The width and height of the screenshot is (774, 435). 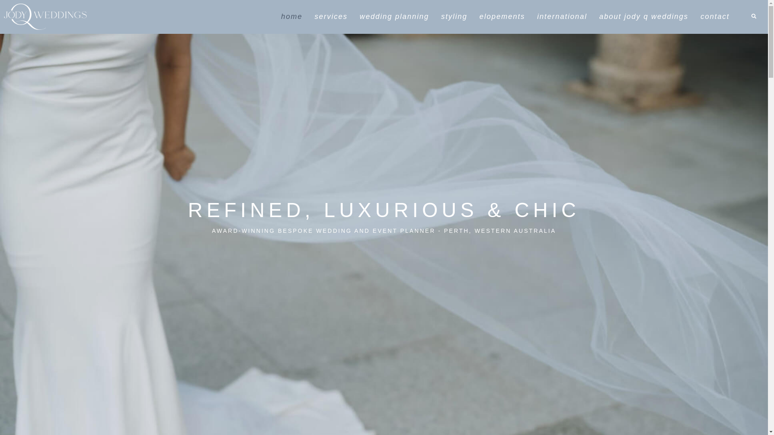 I want to click on 'services', so click(x=331, y=17).